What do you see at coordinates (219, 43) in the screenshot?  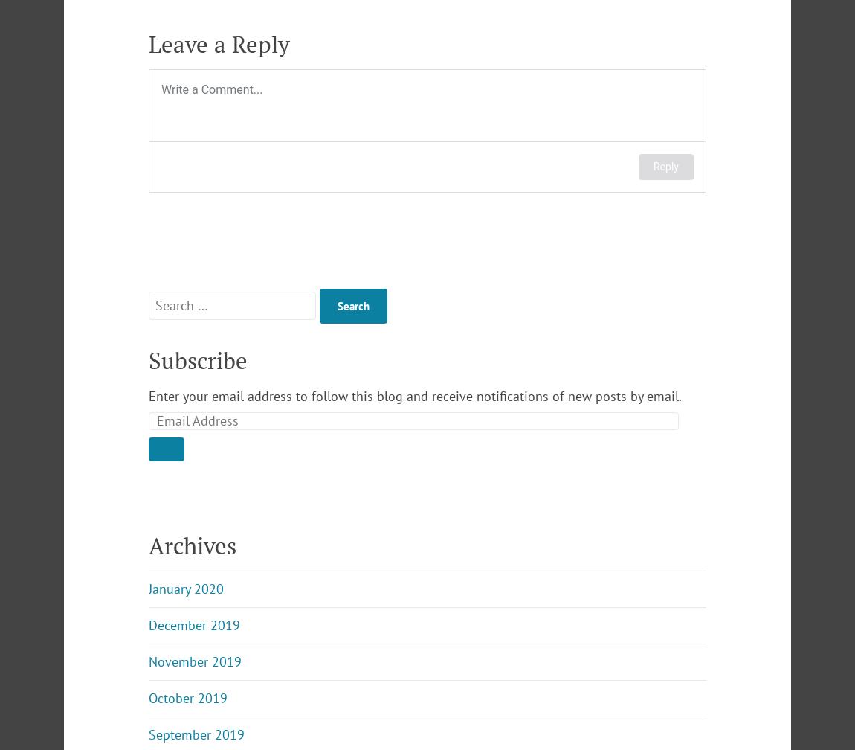 I see `'Leave a Reply'` at bounding box center [219, 43].